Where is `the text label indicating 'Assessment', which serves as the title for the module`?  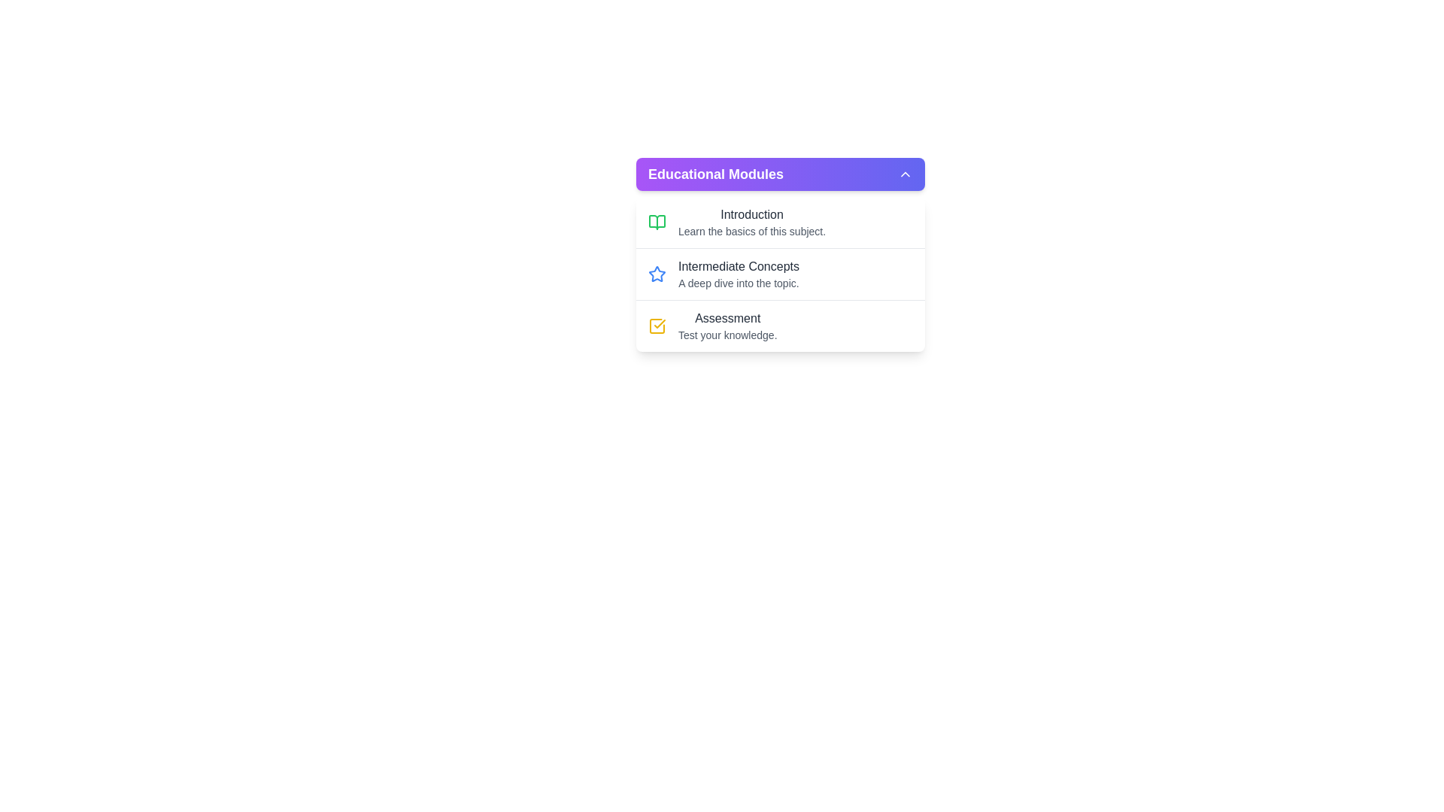
the text label indicating 'Assessment', which serves as the title for the module is located at coordinates (727, 318).